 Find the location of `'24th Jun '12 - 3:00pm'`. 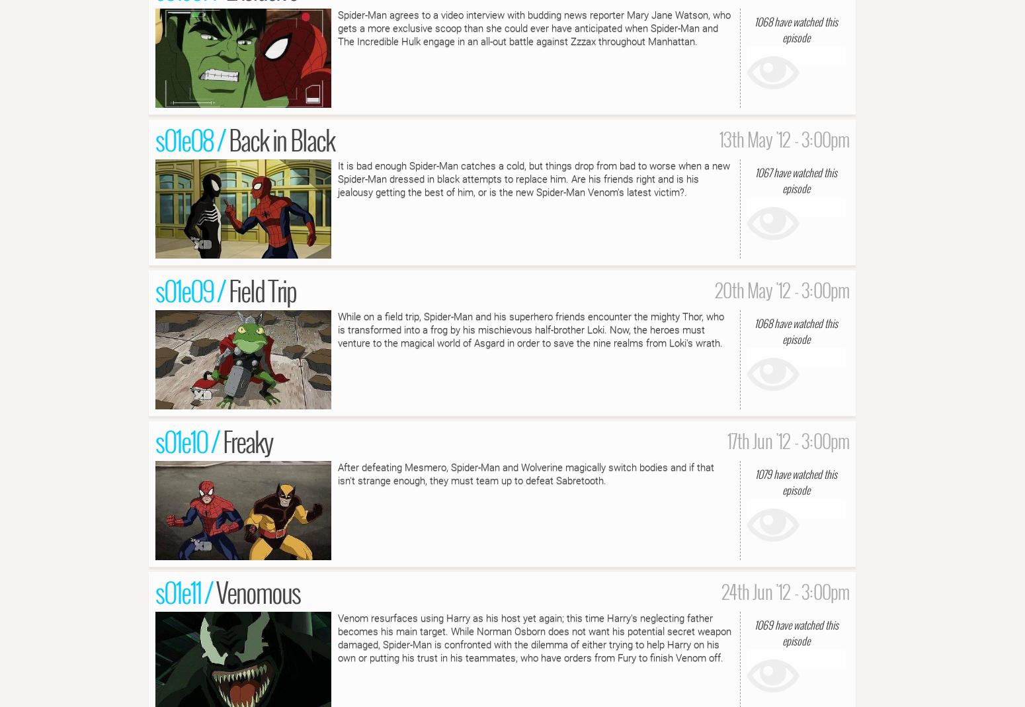

'24th Jun '12 - 3:00pm' is located at coordinates (785, 590).